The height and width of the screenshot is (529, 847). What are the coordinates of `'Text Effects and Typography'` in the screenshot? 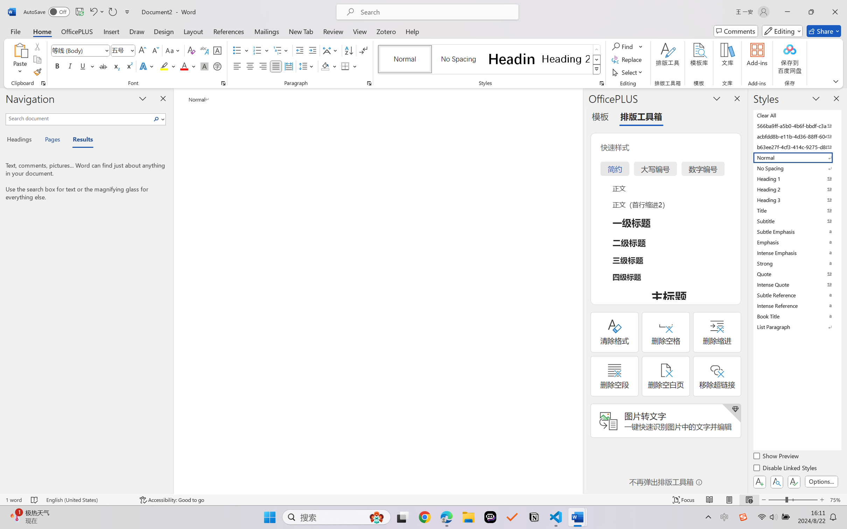 It's located at (147, 66).